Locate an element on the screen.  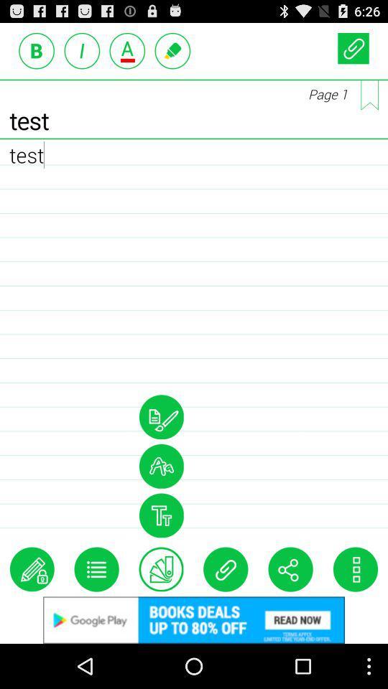
bookmark page is located at coordinates (369, 94).